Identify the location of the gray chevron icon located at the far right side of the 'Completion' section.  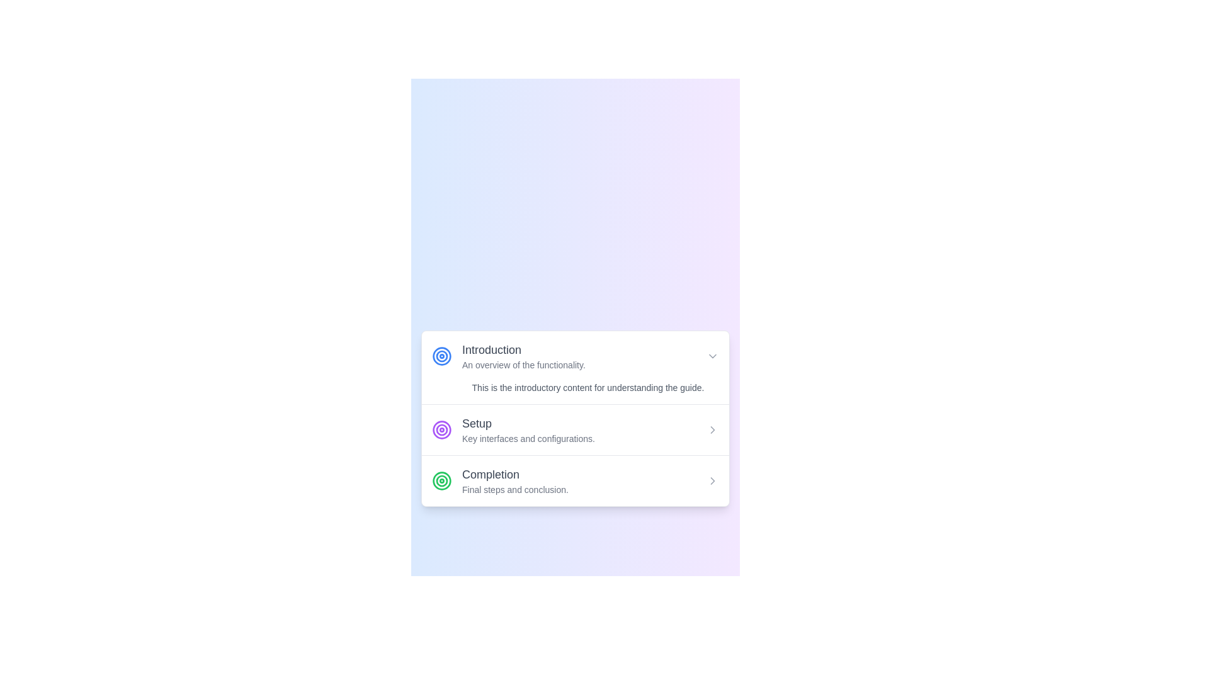
(713, 480).